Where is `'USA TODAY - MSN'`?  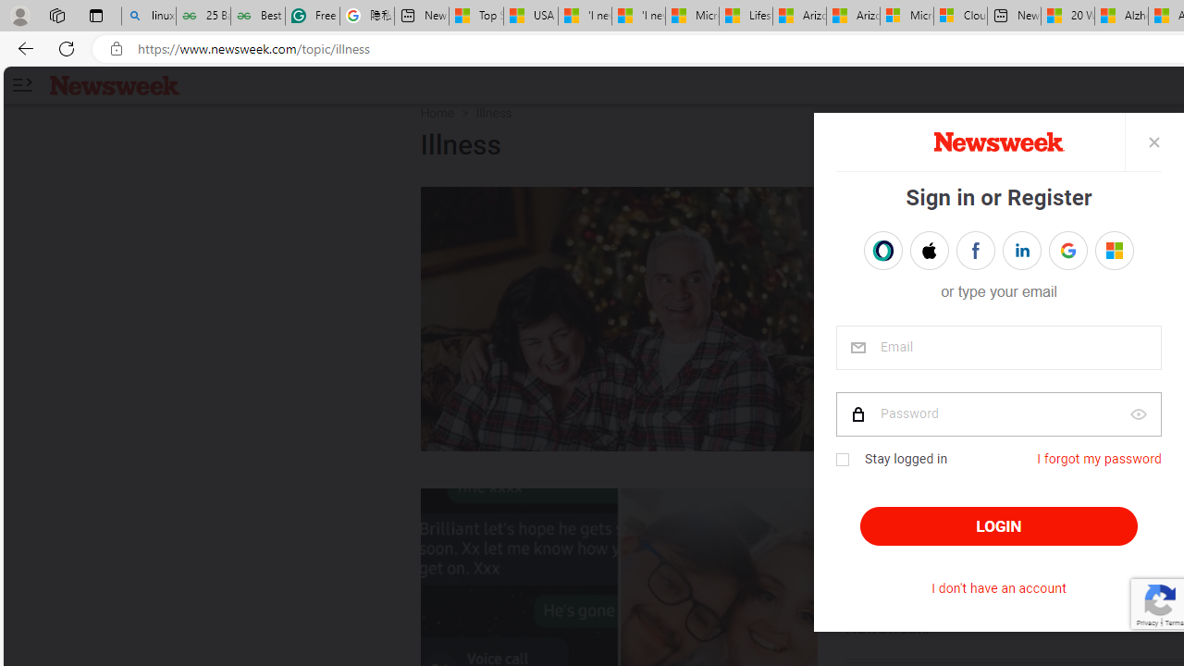
'USA TODAY - MSN' is located at coordinates (530, 16).